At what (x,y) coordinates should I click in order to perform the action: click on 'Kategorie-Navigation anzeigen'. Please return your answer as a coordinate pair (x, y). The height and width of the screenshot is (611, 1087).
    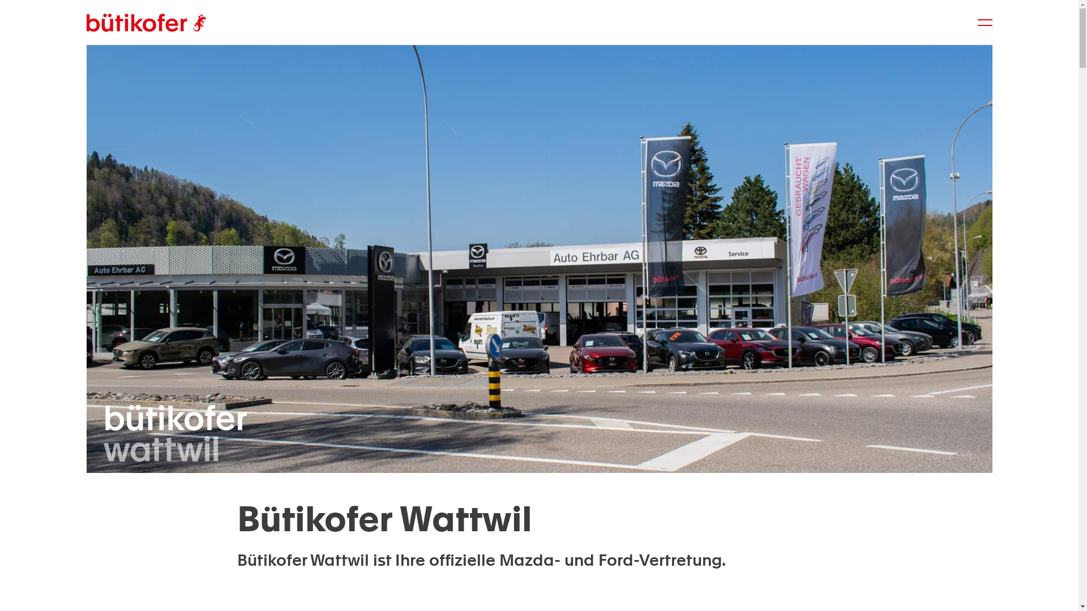
    Looking at the image, I should click on (984, 22).